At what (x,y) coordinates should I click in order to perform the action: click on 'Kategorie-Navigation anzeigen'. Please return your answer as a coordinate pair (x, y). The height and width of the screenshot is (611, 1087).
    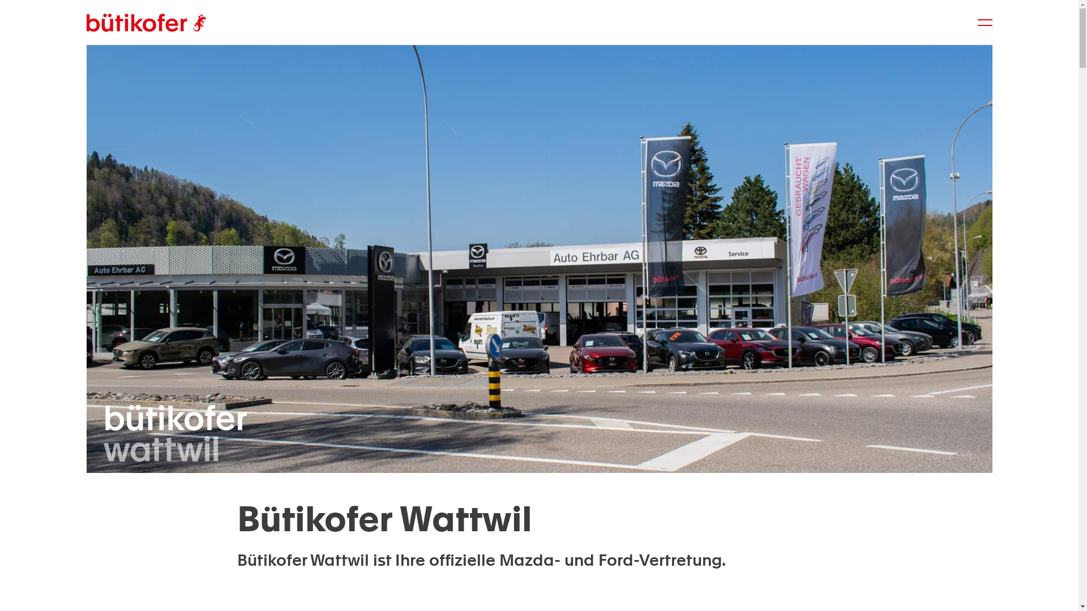
    Looking at the image, I should click on (984, 22).